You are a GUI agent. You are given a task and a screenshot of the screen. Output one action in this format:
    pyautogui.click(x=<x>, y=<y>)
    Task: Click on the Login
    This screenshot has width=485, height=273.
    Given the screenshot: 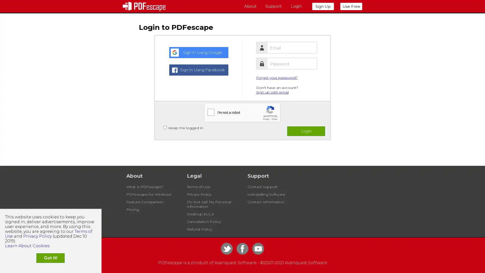 What is the action you would take?
    pyautogui.click(x=306, y=131)
    